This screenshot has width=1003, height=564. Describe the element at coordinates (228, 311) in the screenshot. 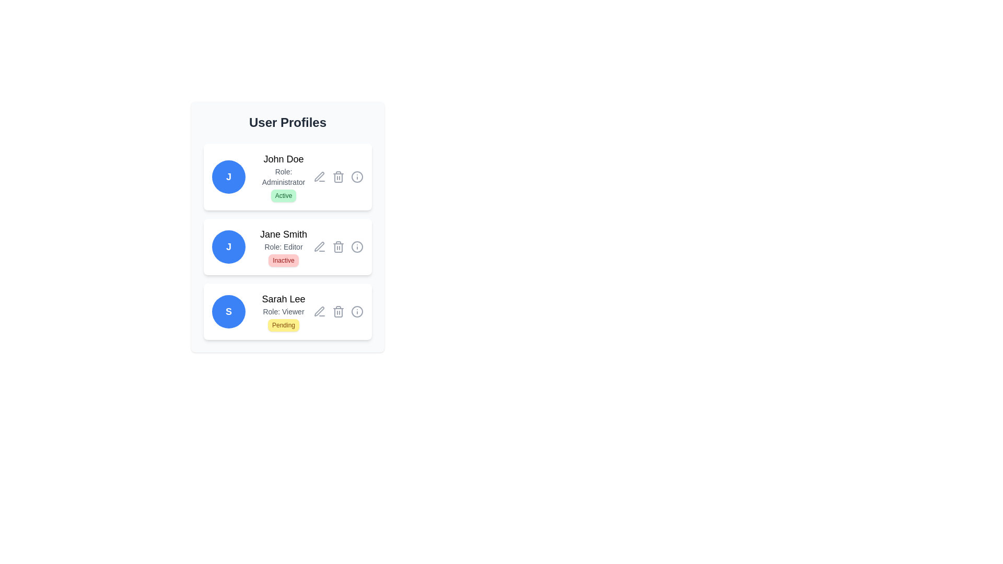

I see `the circular badge with a blue background and white 'S' text, which serves as the avatar placeholder for 'Sarah Lee' in the user profiles section` at that location.